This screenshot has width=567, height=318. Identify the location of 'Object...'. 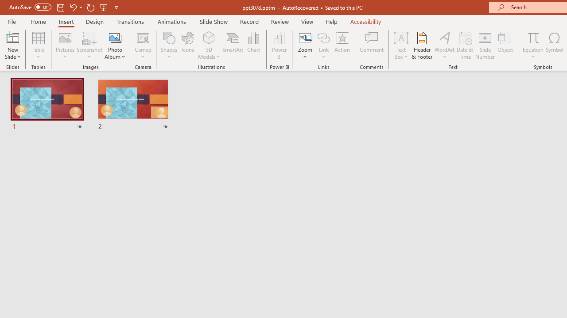
(505, 45).